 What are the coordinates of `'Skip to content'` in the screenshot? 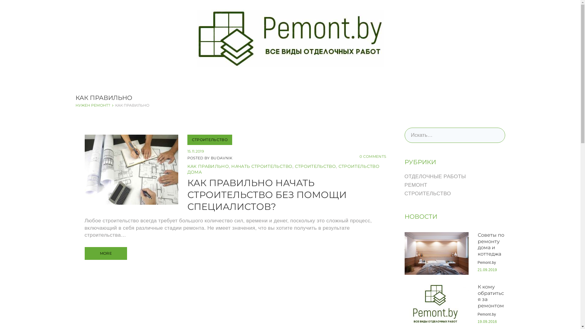 It's located at (0, 0).